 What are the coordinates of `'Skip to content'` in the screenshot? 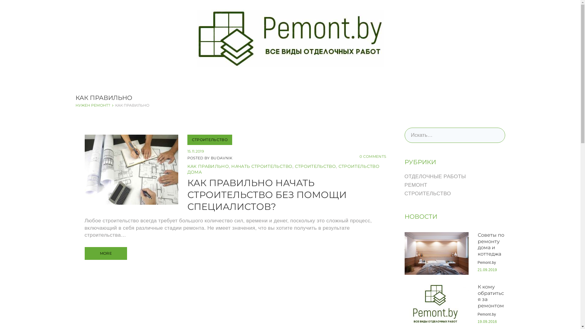 It's located at (0, 0).